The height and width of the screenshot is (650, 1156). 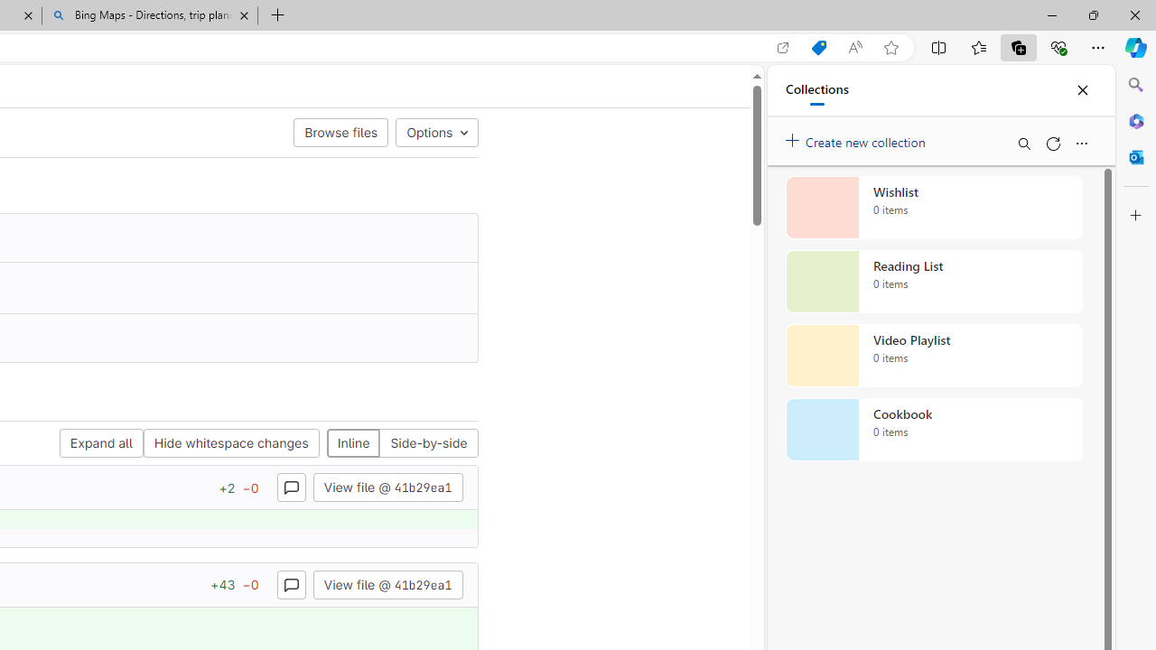 I want to click on 'More options menu', so click(x=1081, y=143).